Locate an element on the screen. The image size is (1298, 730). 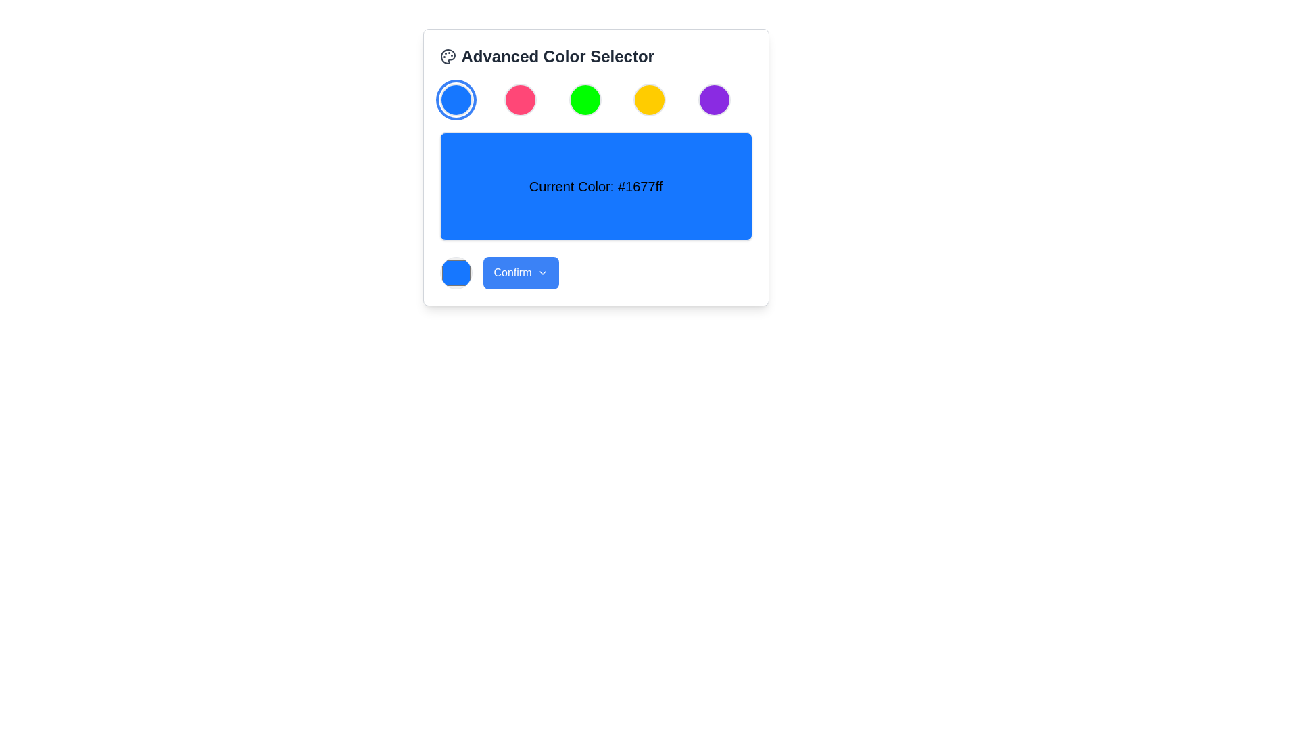
the downward-pointing chevron icon located to the right of the 'Confirm' text within the blue button is located at coordinates (542, 273).